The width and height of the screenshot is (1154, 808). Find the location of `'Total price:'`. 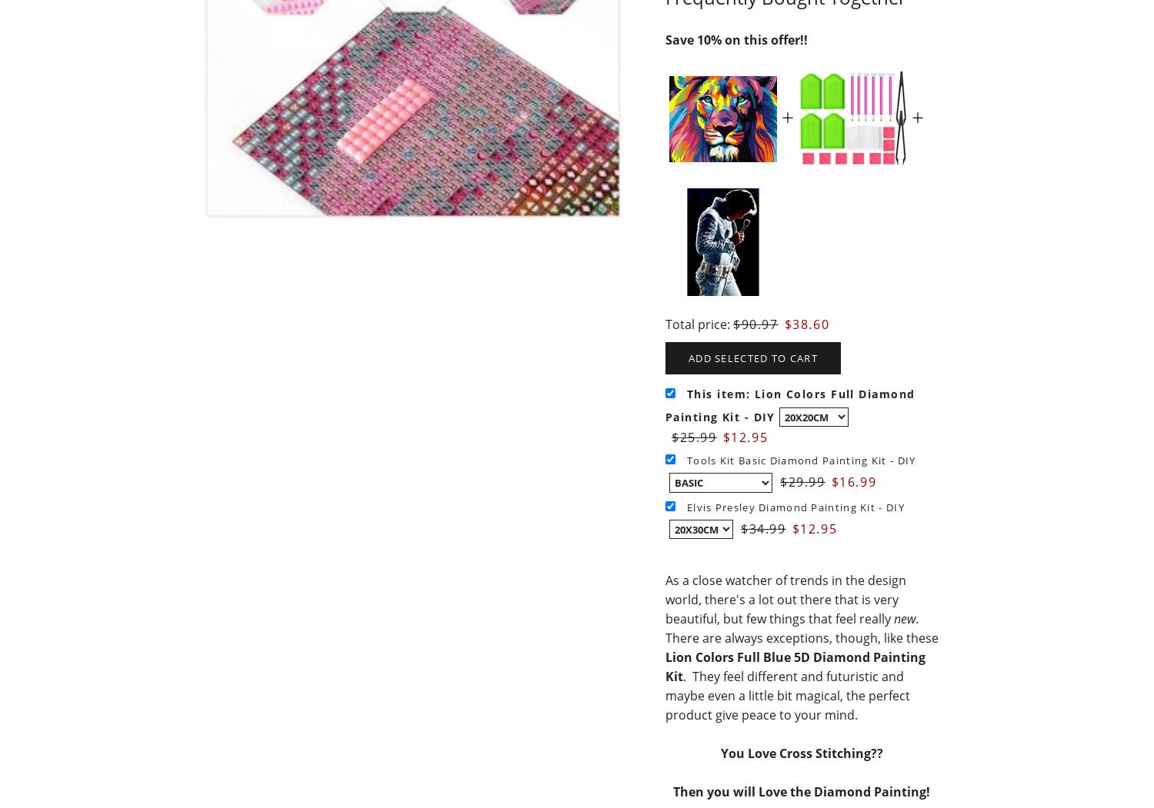

'Total price:' is located at coordinates (697, 324).